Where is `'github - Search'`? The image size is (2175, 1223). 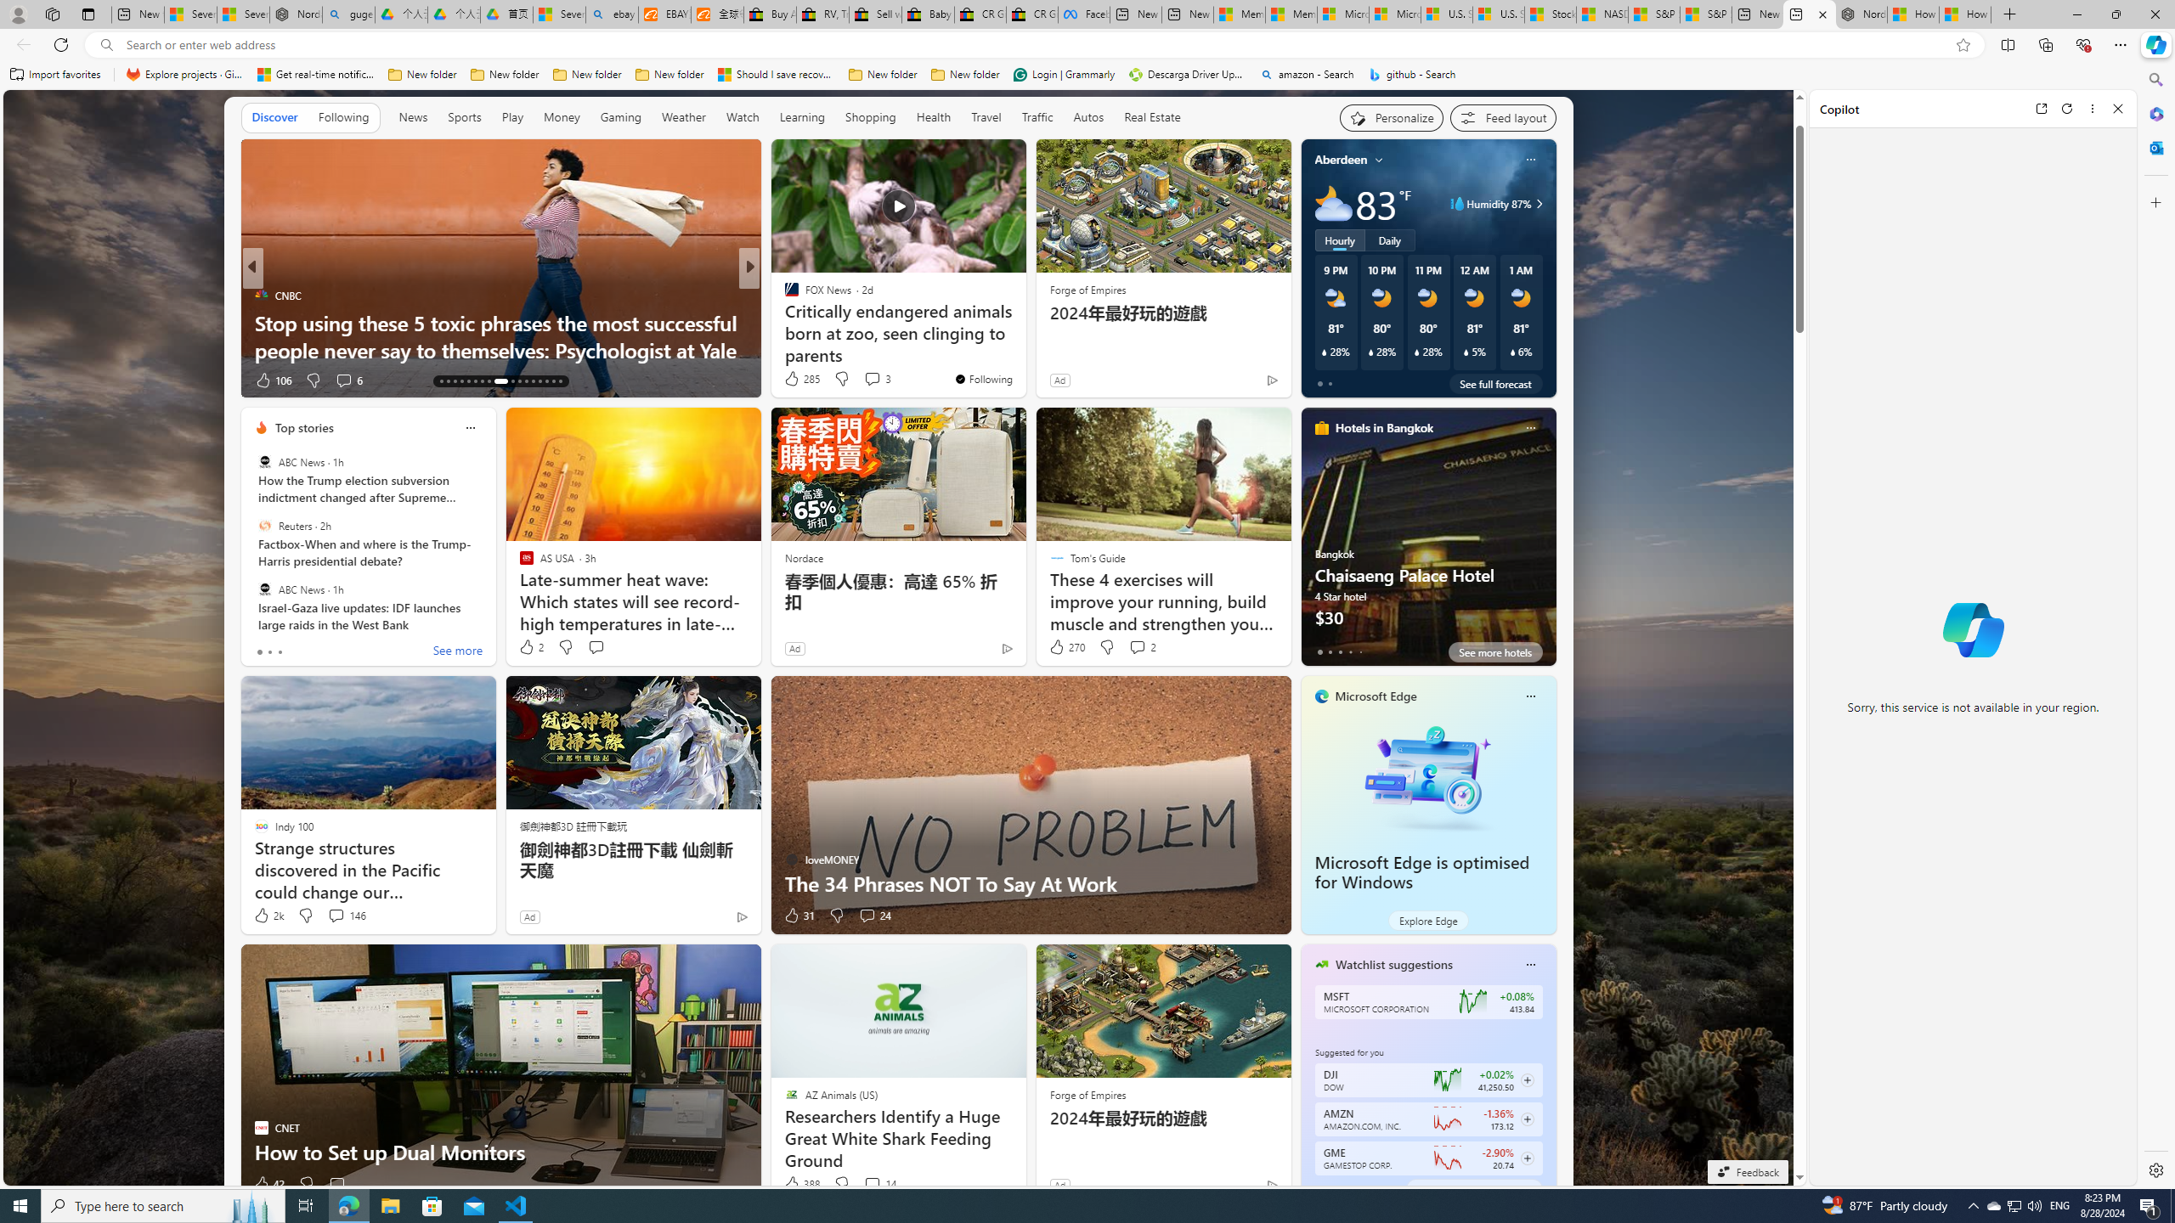 'github - Search' is located at coordinates (1412, 74).